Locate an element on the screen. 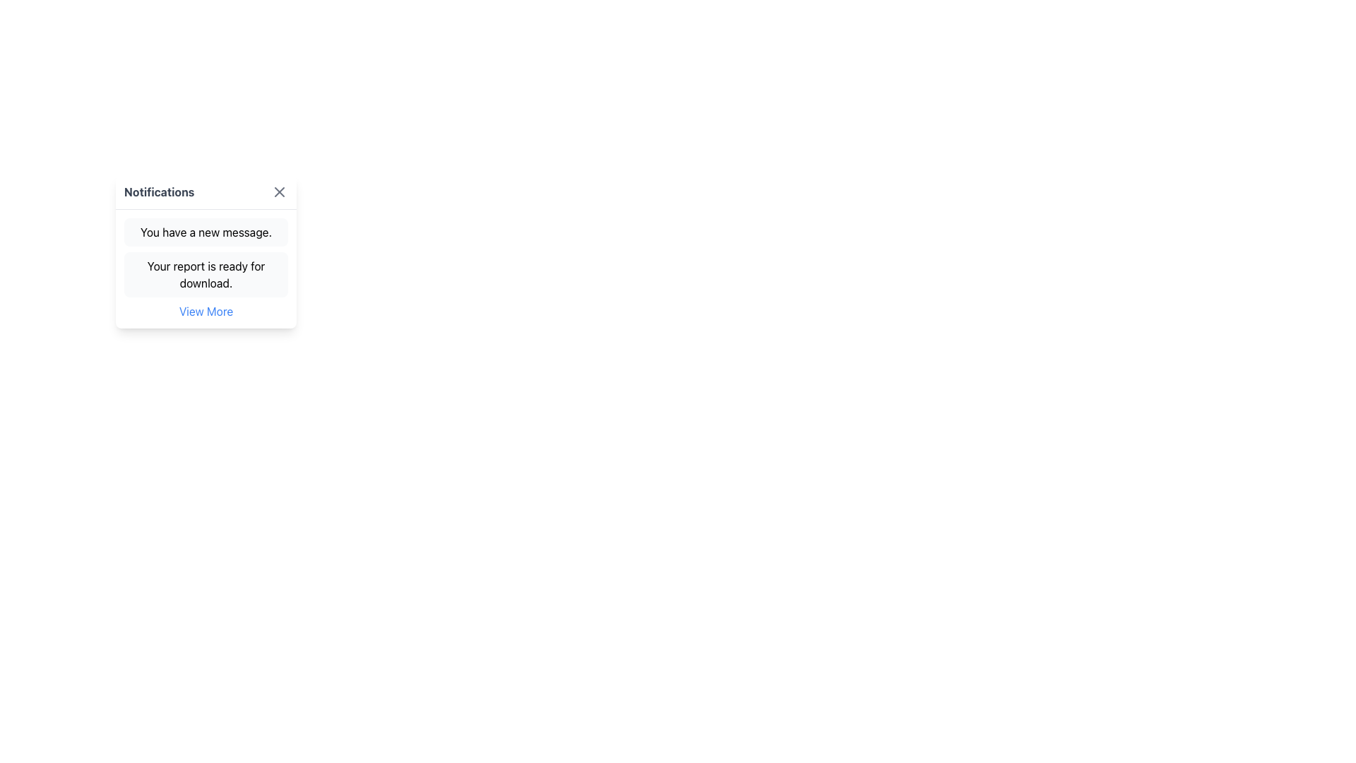 This screenshot has width=1356, height=763. the informational notification box with the message 'You have a new message.' by clicking on its center is located at coordinates (206, 231).